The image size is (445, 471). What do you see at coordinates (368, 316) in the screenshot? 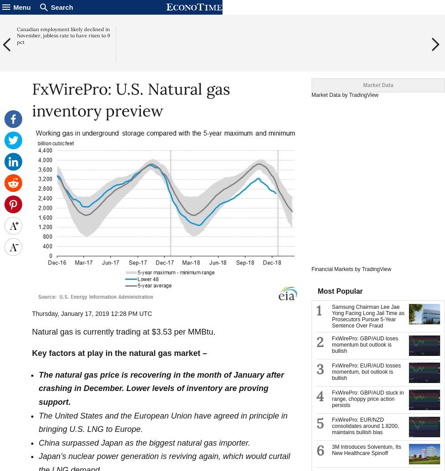
I see `'Samsung Chairman Lee Jae Yong Facing Long Jail Time as Prosecutors Pursue 5-Year Sentence Over Fraud'` at bounding box center [368, 316].